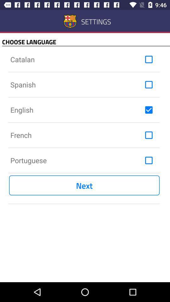 The width and height of the screenshot is (170, 302). Describe the element at coordinates (149, 59) in the screenshot. I see `search` at that location.